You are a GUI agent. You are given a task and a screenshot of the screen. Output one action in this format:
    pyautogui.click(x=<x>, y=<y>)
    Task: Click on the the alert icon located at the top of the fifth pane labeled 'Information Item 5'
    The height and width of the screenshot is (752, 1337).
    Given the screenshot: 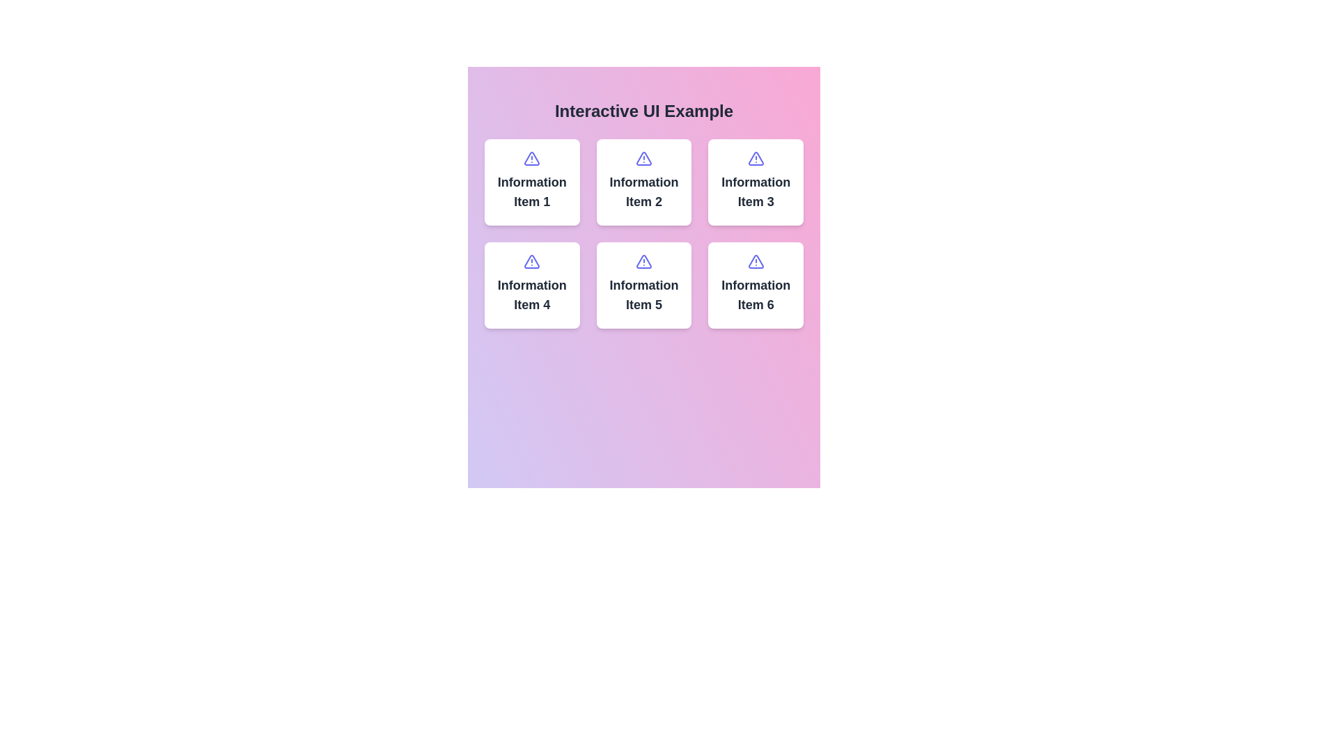 What is the action you would take?
    pyautogui.click(x=643, y=261)
    